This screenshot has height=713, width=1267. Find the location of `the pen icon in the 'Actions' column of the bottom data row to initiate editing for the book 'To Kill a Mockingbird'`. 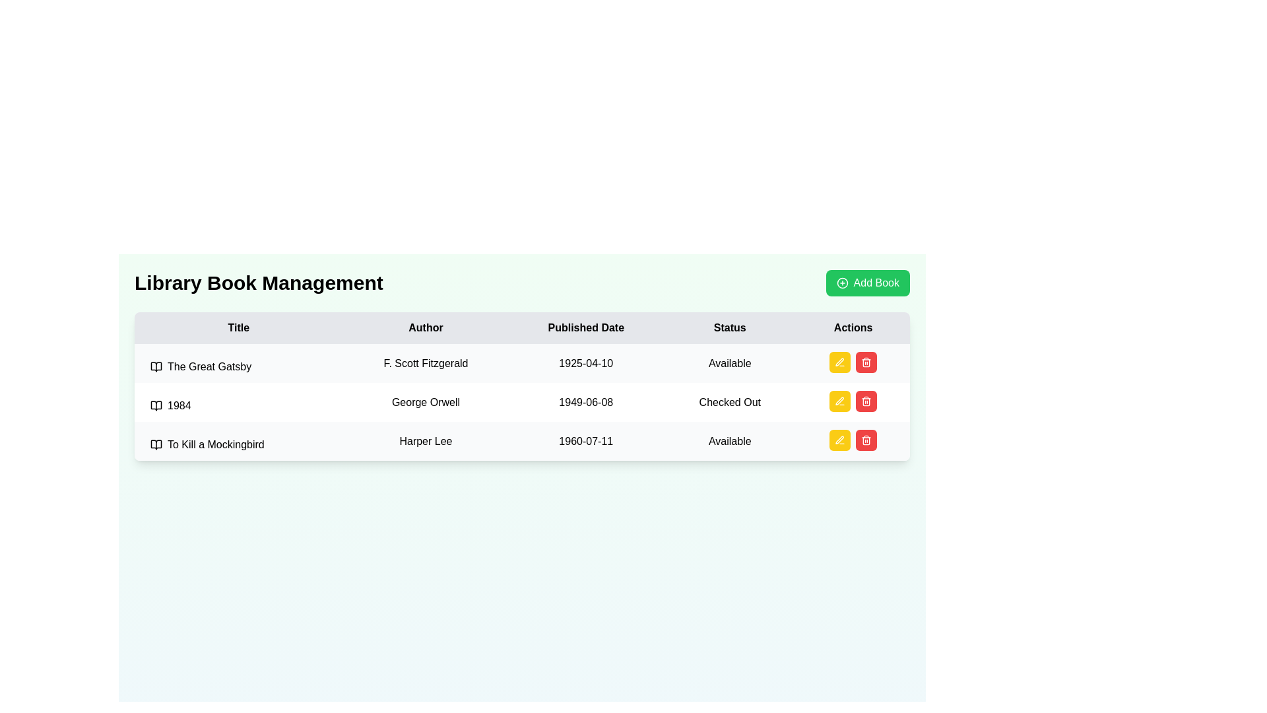

the pen icon in the 'Actions' column of the bottom data row to initiate editing for the book 'To Kill a Mockingbird' is located at coordinates (839, 362).